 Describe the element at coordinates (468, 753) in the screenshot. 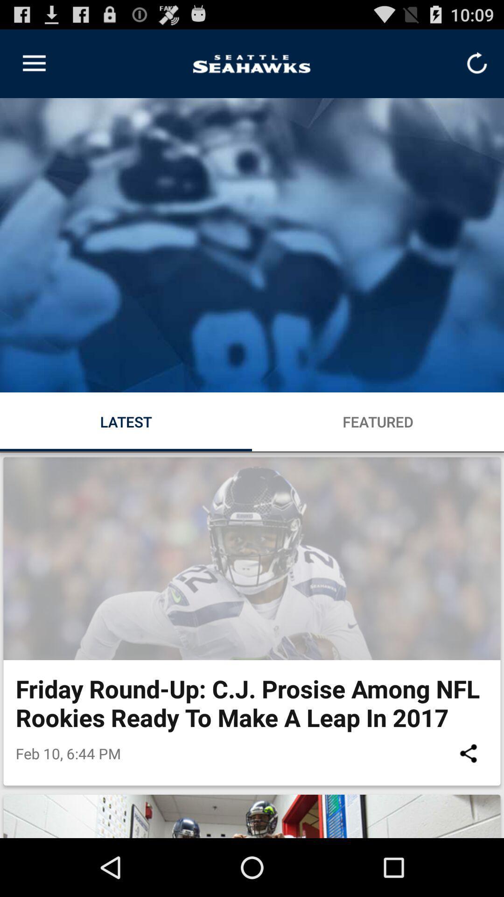

I see `the button which is at the bottom right corner of the page` at that location.